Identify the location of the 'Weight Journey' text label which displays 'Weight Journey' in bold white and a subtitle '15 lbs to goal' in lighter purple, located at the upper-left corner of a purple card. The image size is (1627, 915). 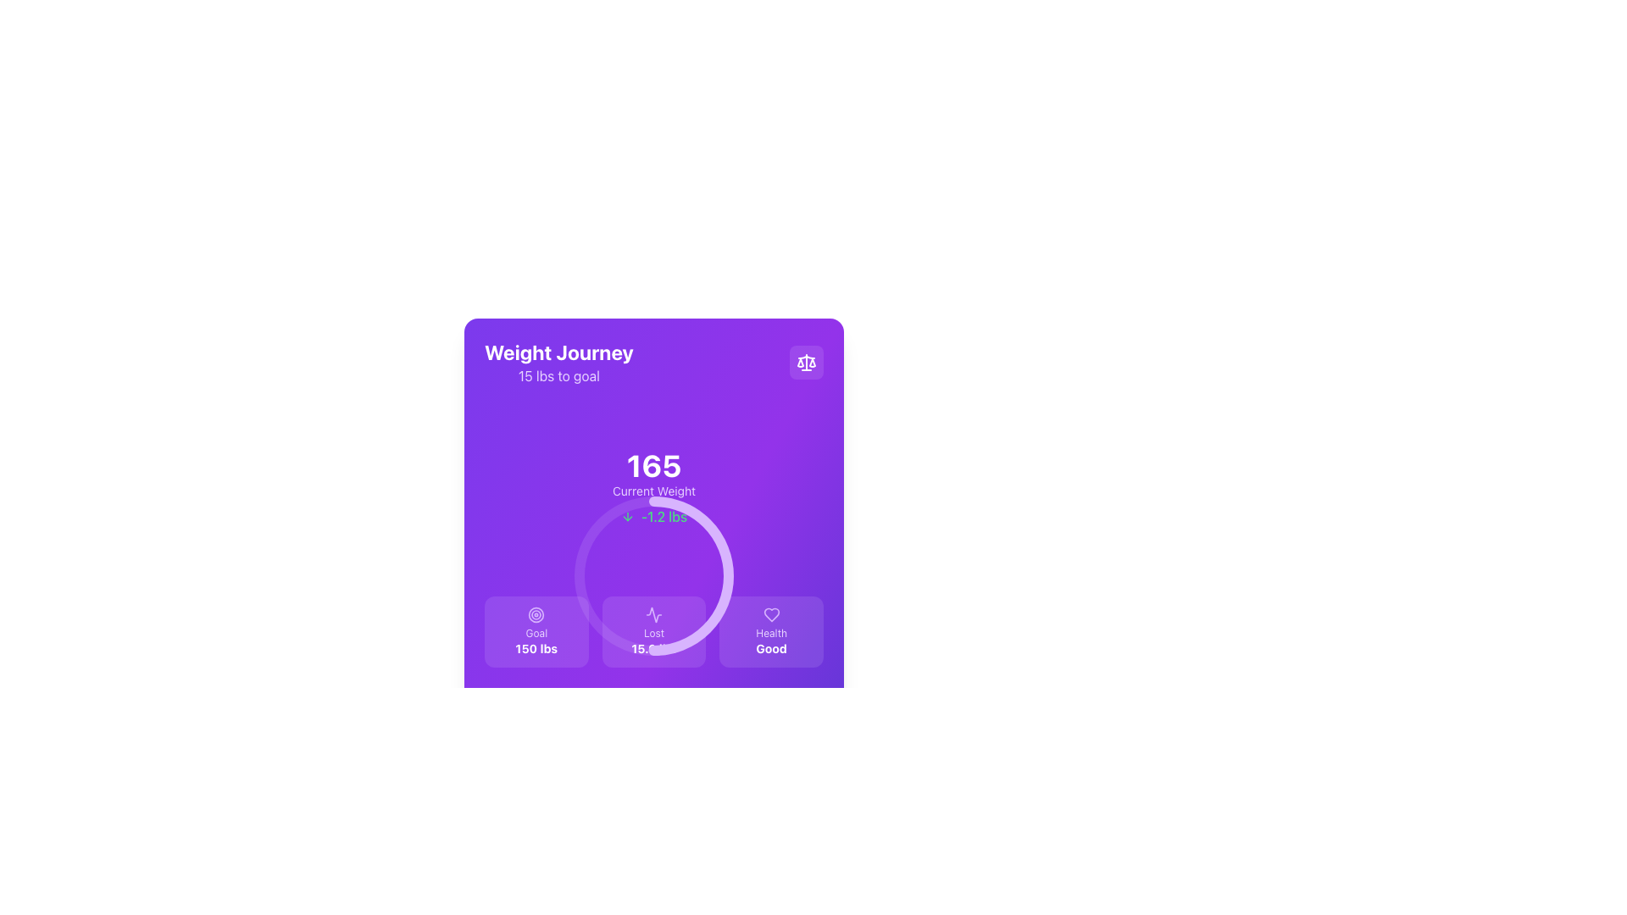
(558, 362).